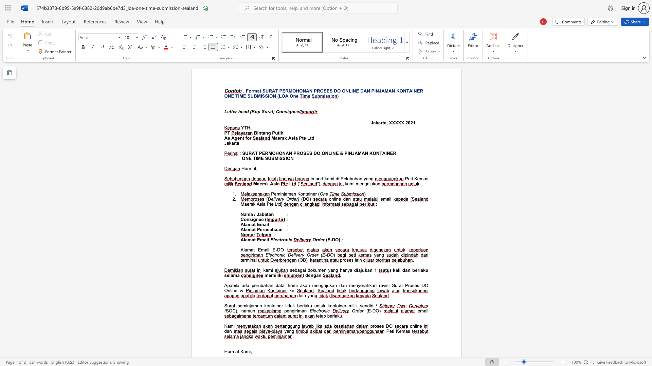 Image resolution: width=652 pixels, height=366 pixels. I want to click on the space between the continuous character "K" and "a" in the text, so click(243, 351).